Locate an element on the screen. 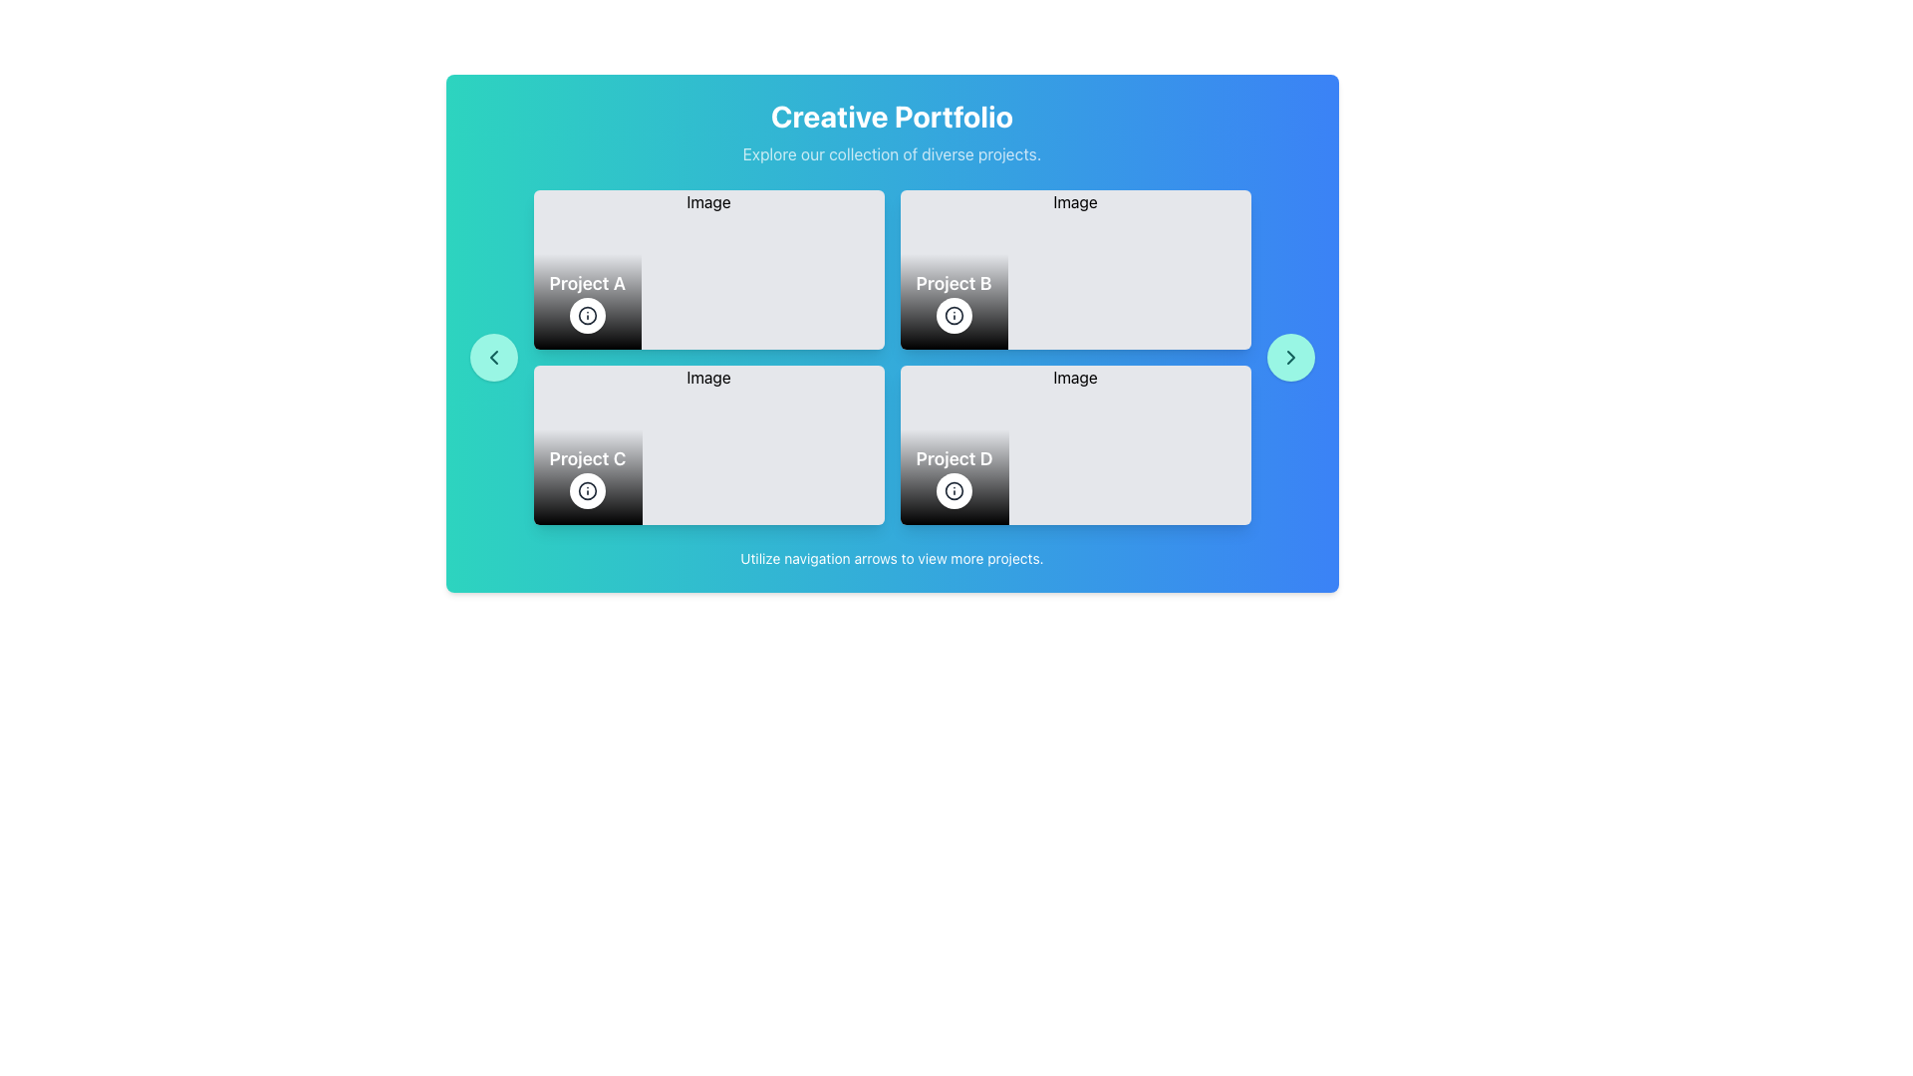 The image size is (1913, 1076). the Project Tile containing the text 'Project C' with a circular button featuring an information icon, located in the lower left quadrant of the grid is located at coordinates (587, 476).